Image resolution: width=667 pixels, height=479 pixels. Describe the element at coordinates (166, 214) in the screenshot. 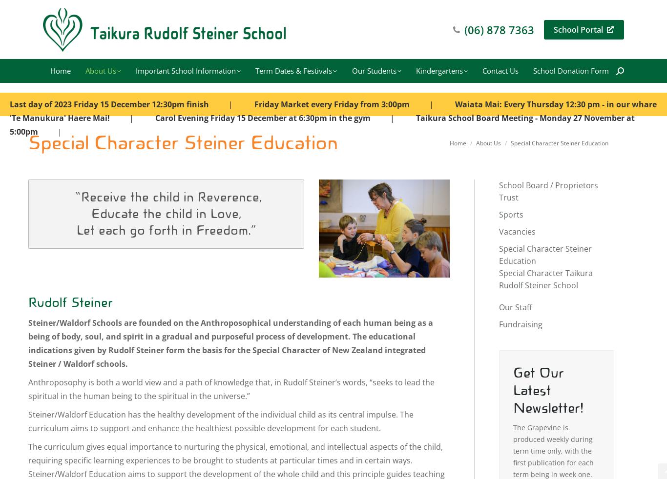

I see `'Educate the child in Love,'` at that location.